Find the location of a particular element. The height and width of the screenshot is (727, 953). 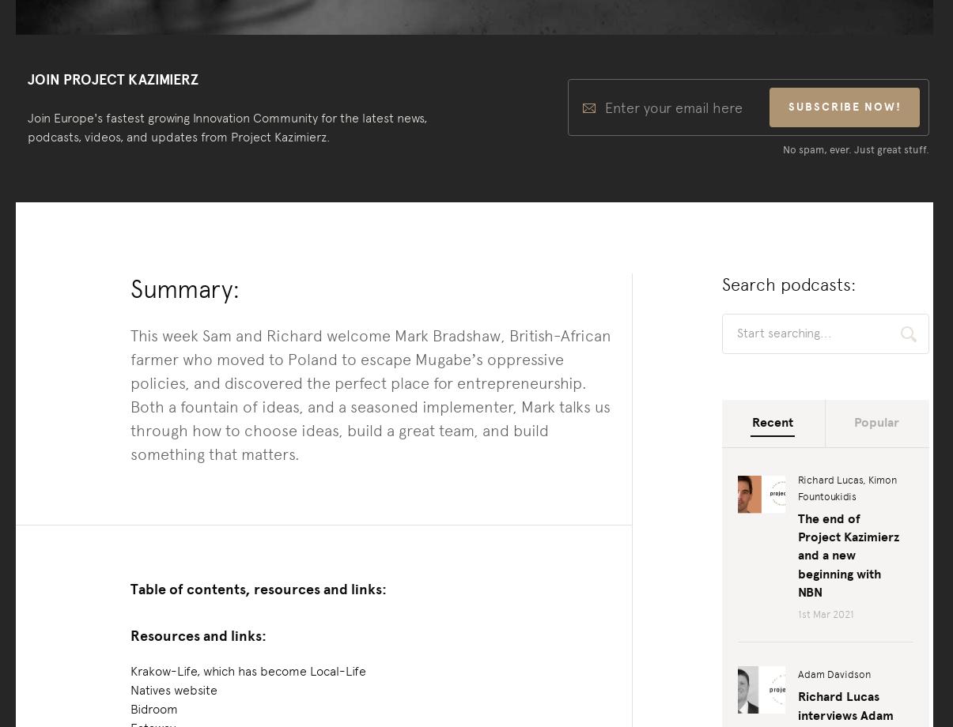

'This week Sam and Richard welcome Mark Bradshaw, British-African farmer who moved to Poland to escape Mugabe’s oppressive policies, and discovered the perfect place for entrepreneurship. Both a fountain of ideas, and a seasoned implementer, Mark talks us through how to choose ideas, build a great team, and build something that matters.' is located at coordinates (369, 394).